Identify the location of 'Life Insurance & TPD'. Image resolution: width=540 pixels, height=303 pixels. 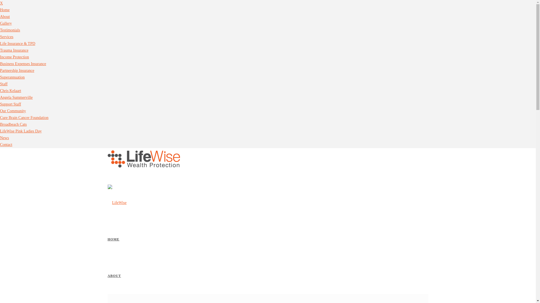
(17, 43).